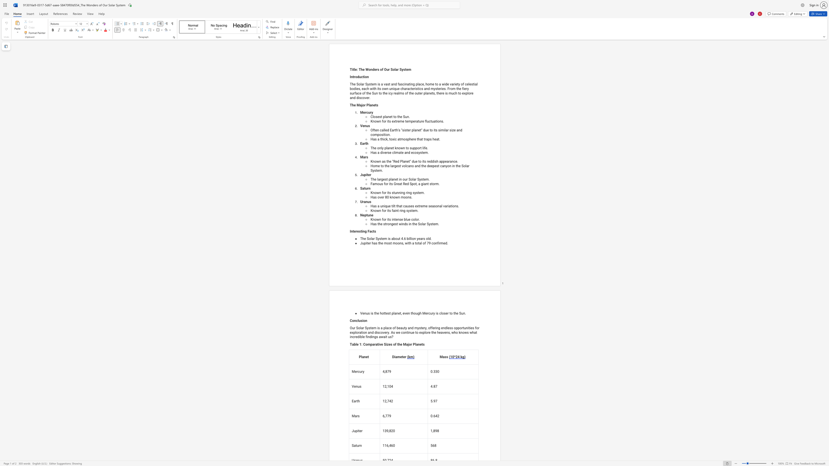 This screenshot has width=829, height=466. I want to click on the space between the continuous character "T" and "a" in the text, so click(352, 344).